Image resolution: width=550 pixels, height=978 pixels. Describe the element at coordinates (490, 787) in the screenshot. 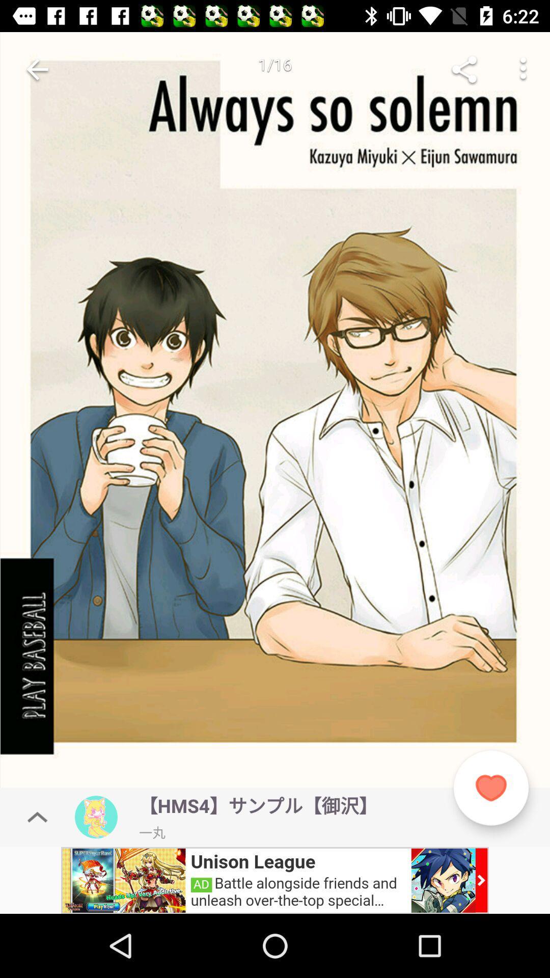

I see `the favorite icon` at that location.